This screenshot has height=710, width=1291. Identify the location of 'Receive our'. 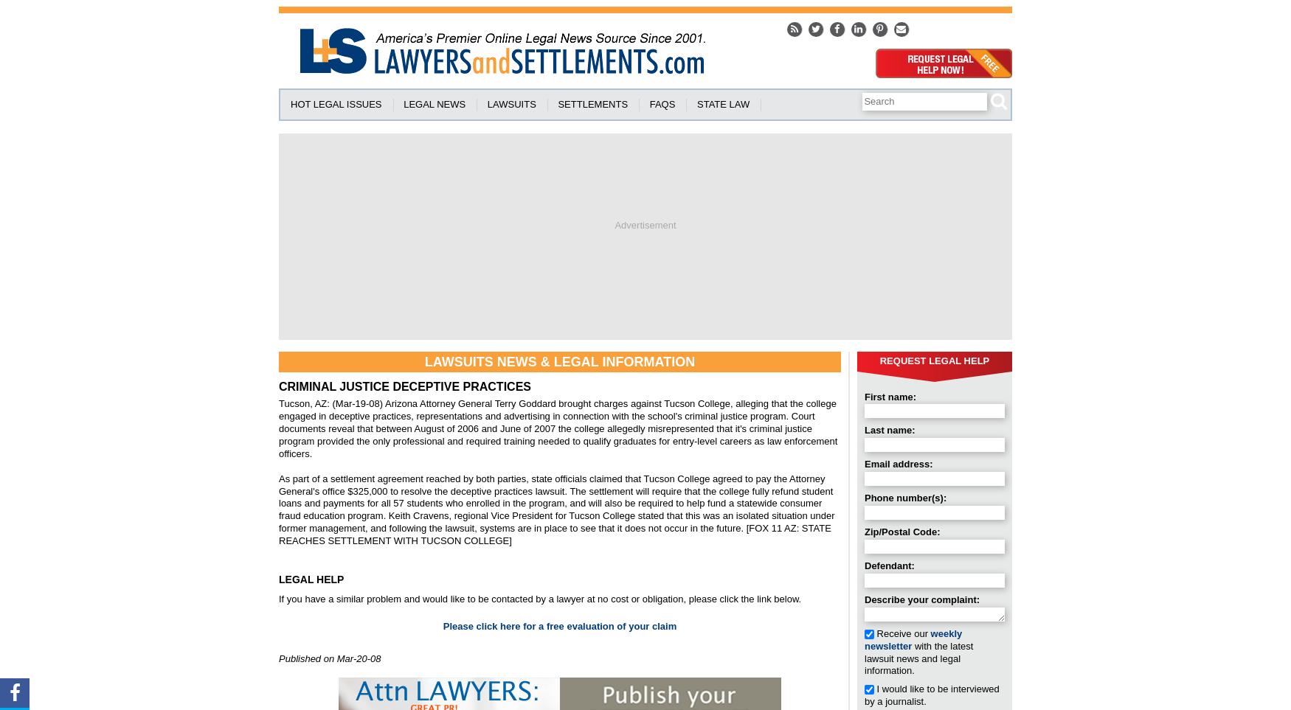
(873, 633).